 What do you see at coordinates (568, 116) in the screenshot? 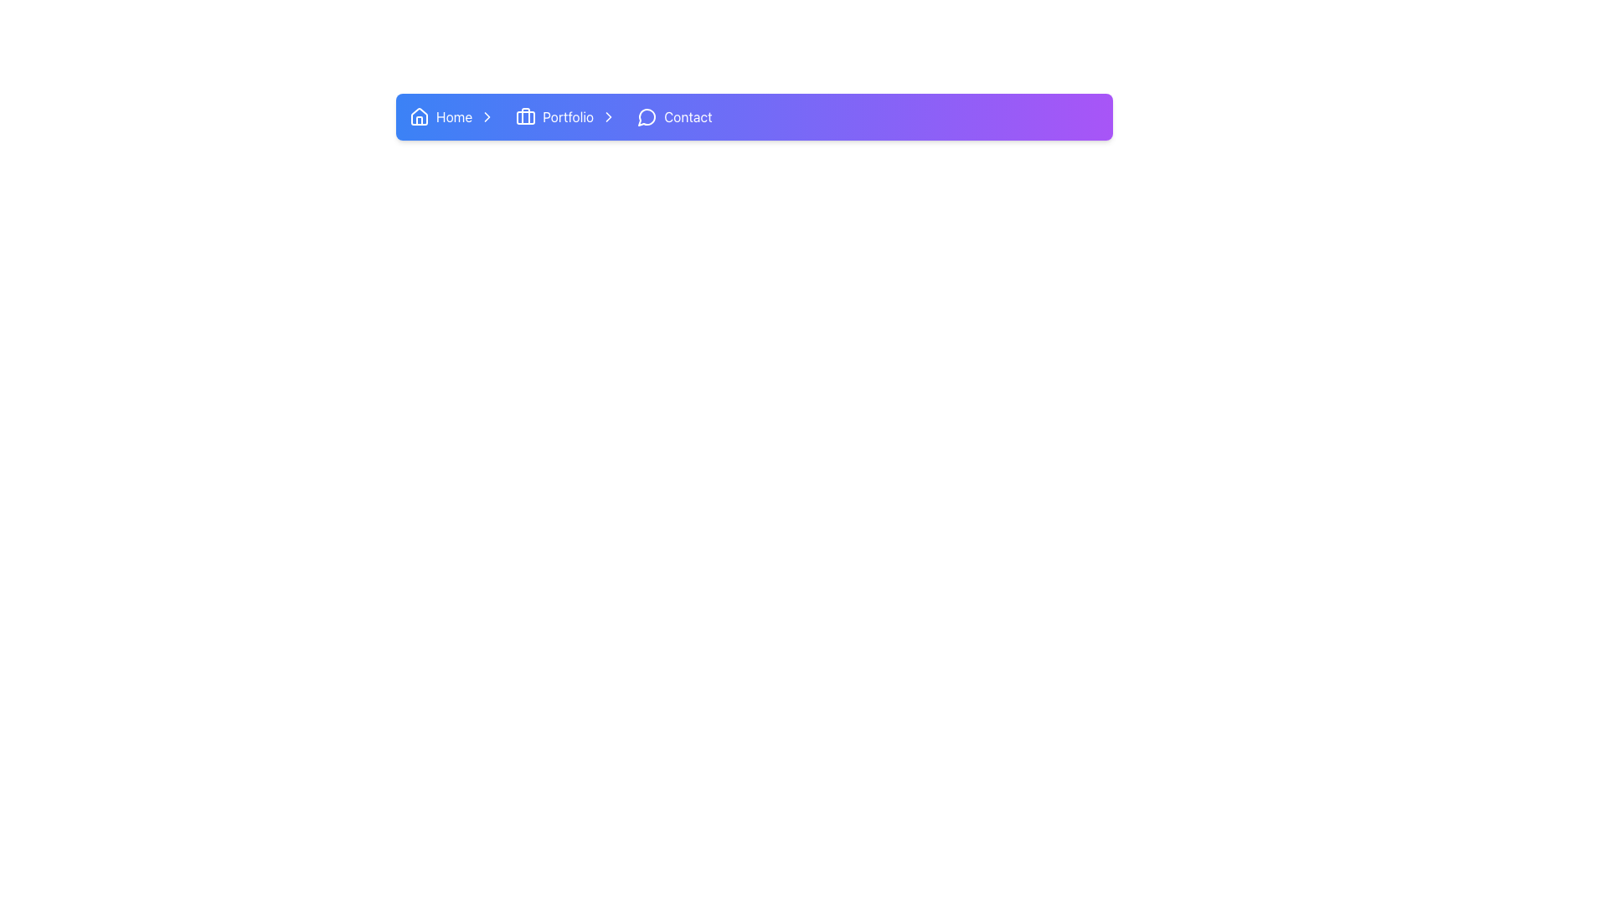
I see `the 'Portfolio' link, which is the third item in the navigation bar, styled with white font on a blue background` at bounding box center [568, 116].